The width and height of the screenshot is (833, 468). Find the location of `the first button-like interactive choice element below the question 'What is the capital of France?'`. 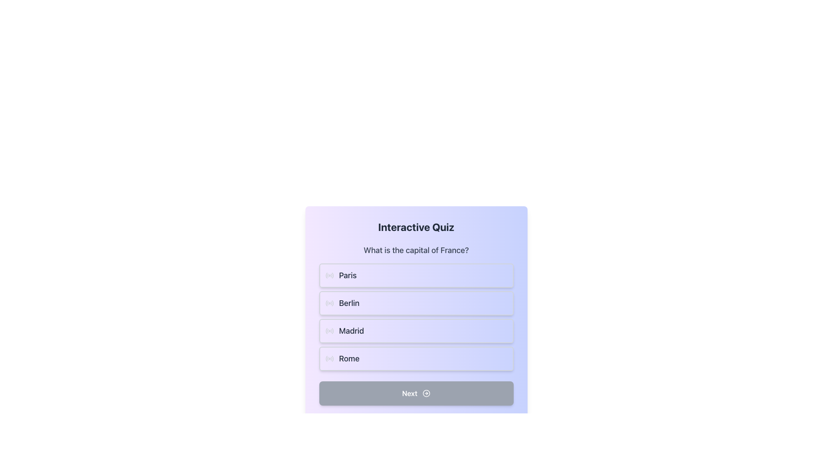

the first button-like interactive choice element below the question 'What is the capital of France?' is located at coordinates (416, 276).